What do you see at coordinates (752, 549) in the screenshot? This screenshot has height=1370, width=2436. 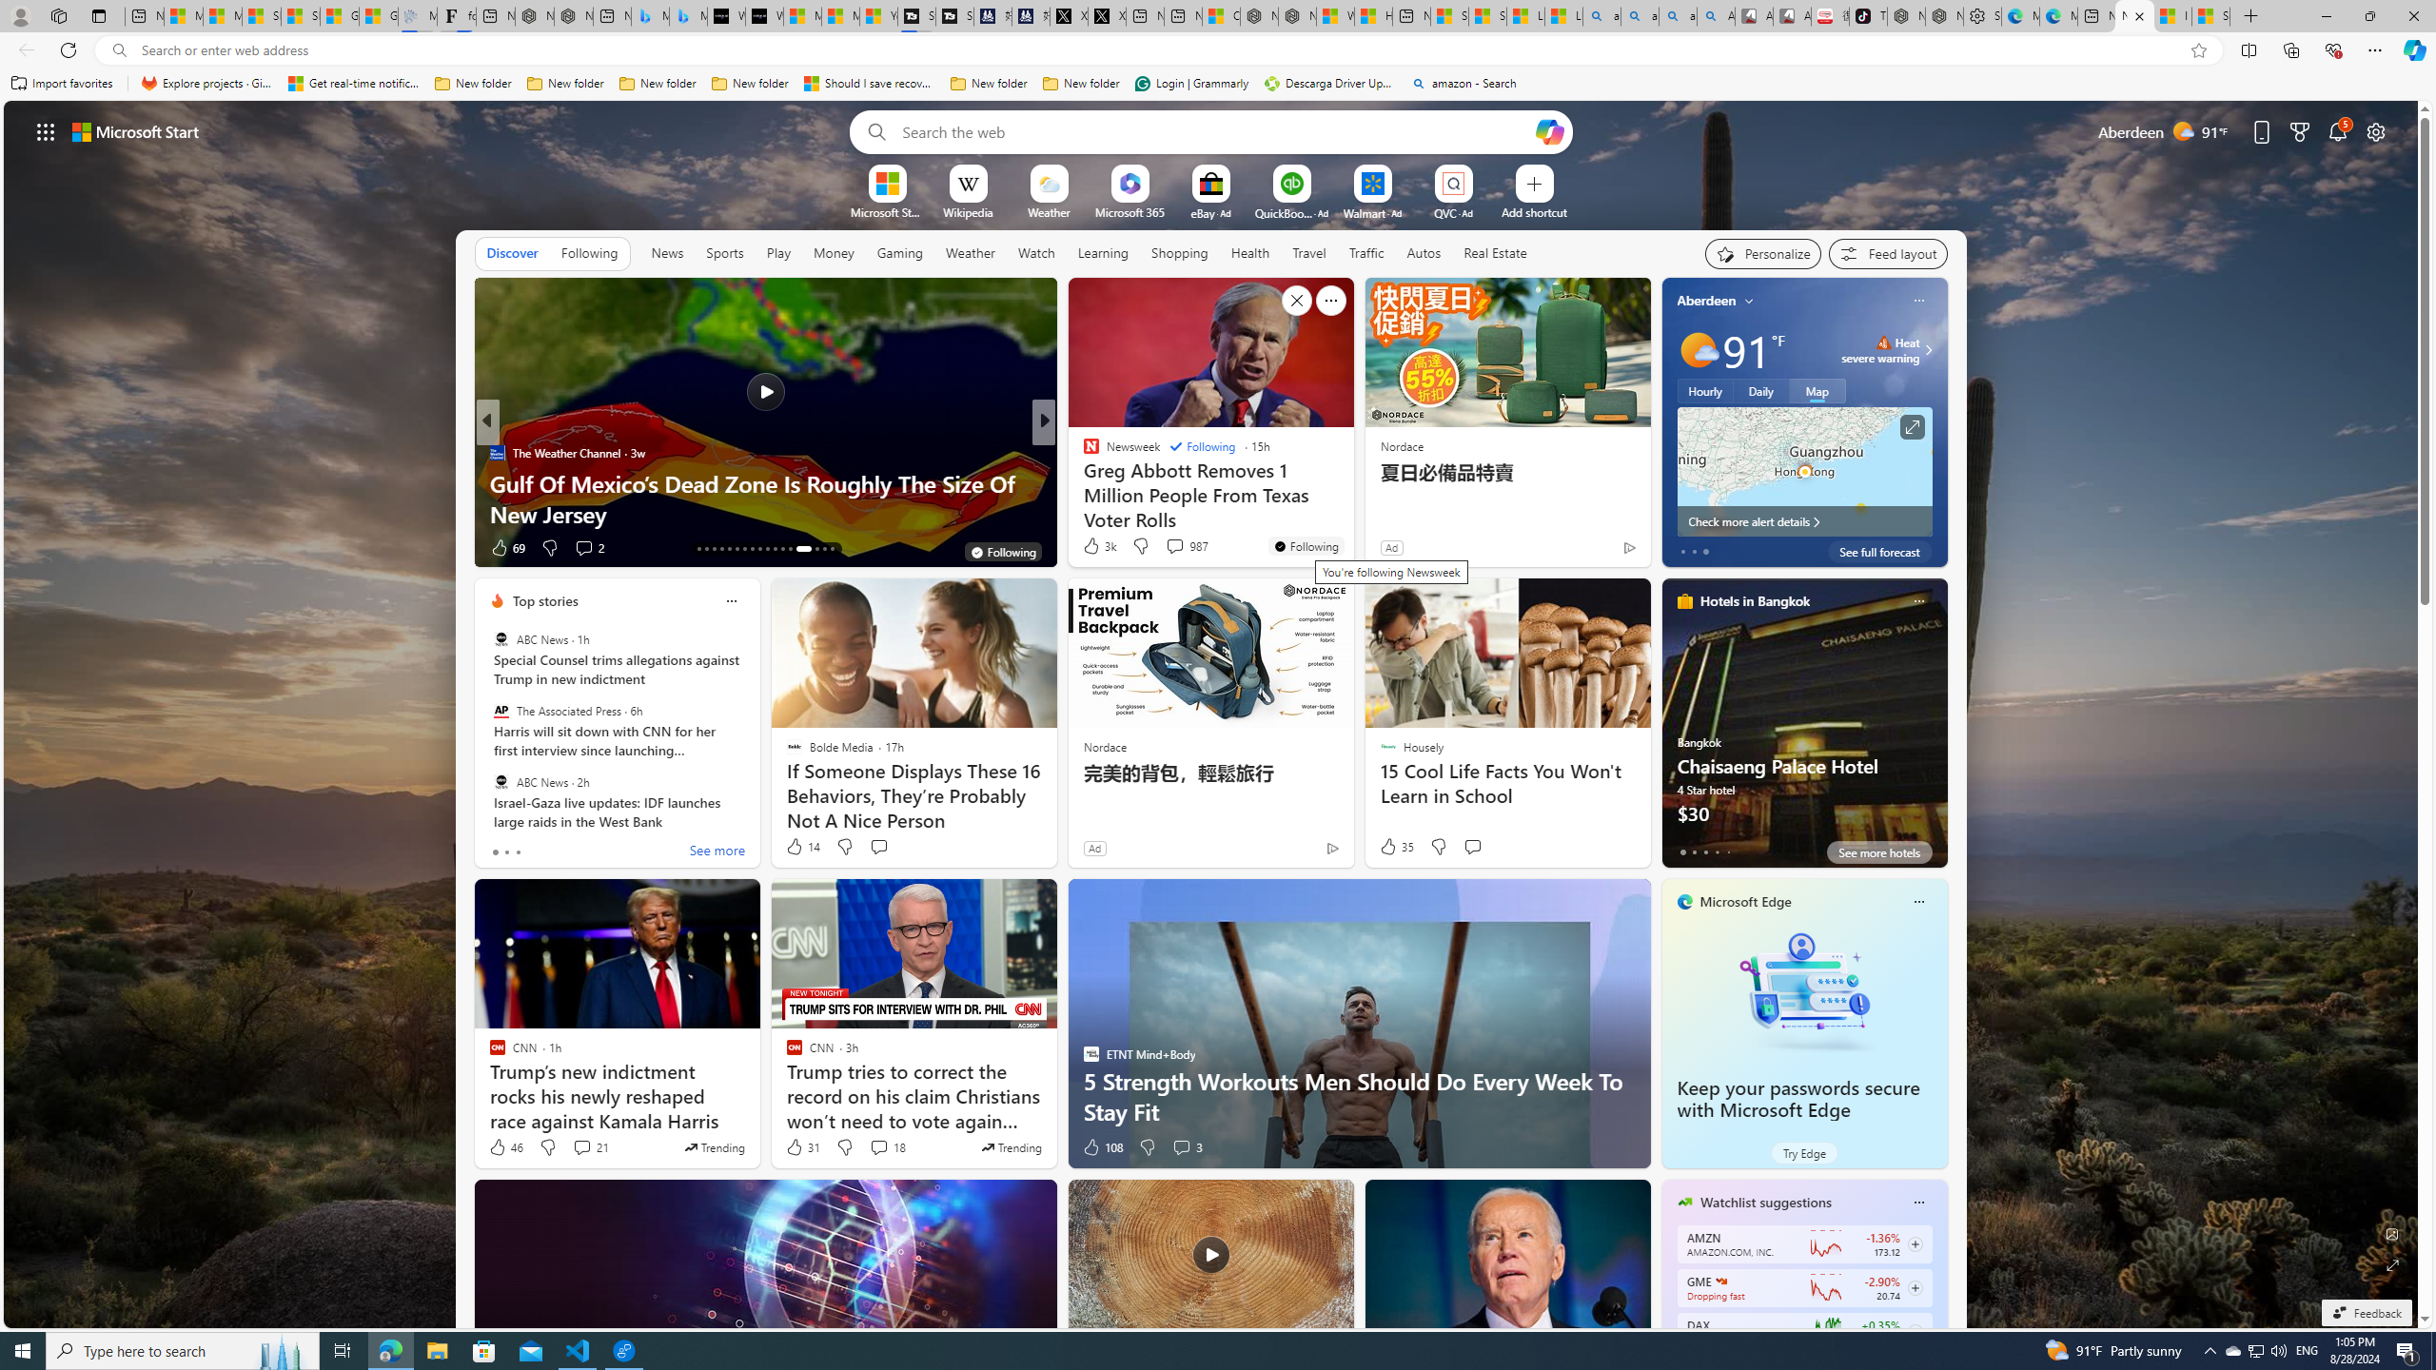 I see `'AutomationID: tab-20'` at bounding box center [752, 549].